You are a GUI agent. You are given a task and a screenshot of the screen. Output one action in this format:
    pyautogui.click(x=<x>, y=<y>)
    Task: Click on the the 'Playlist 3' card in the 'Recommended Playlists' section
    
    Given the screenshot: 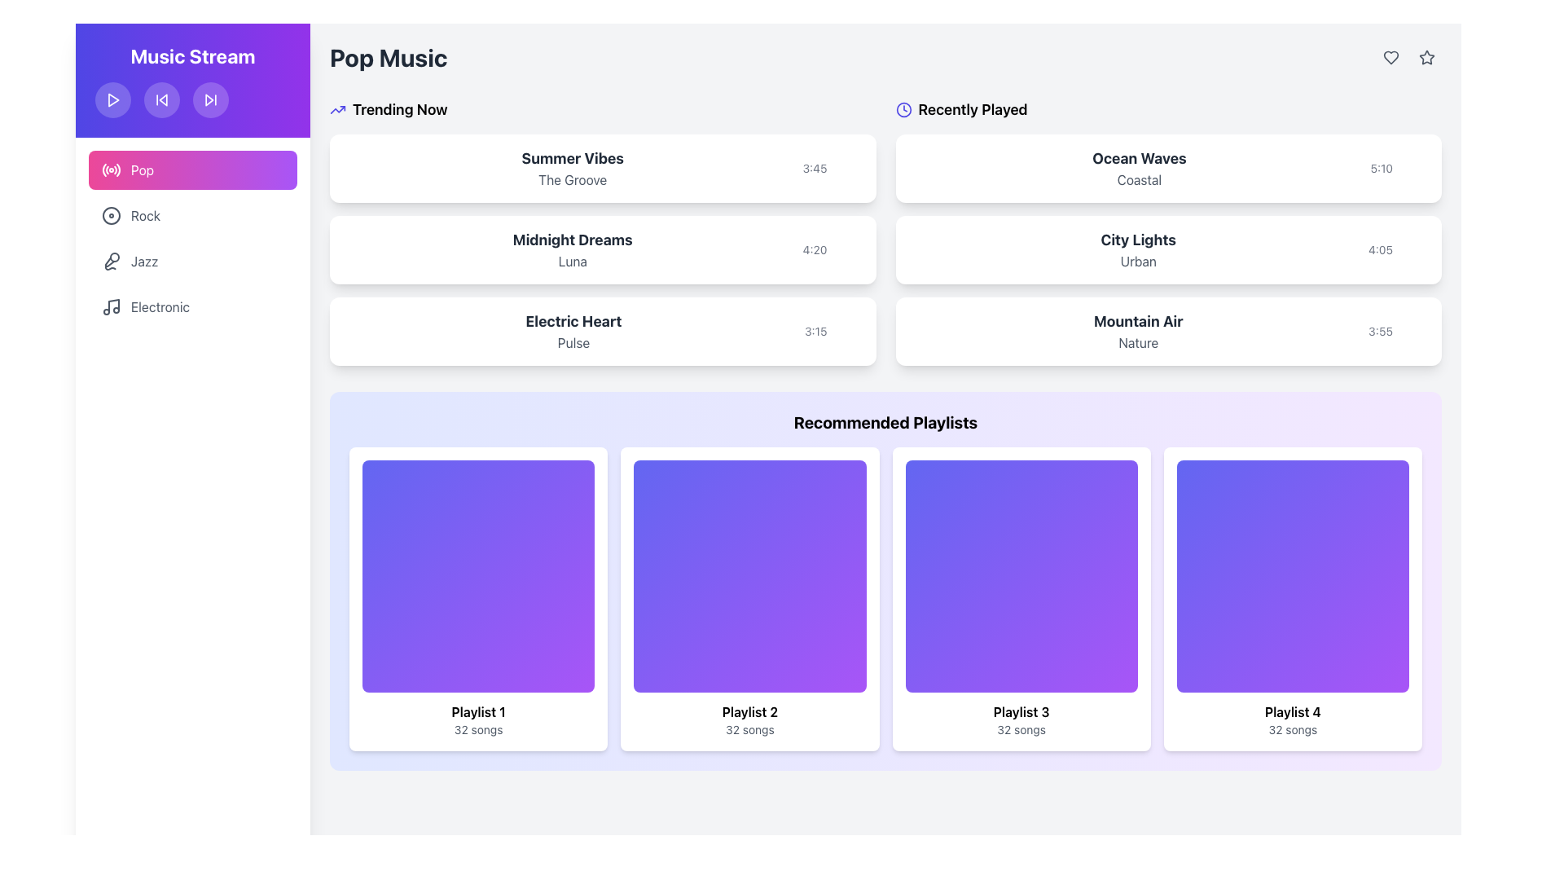 What is the action you would take?
    pyautogui.click(x=1020, y=599)
    